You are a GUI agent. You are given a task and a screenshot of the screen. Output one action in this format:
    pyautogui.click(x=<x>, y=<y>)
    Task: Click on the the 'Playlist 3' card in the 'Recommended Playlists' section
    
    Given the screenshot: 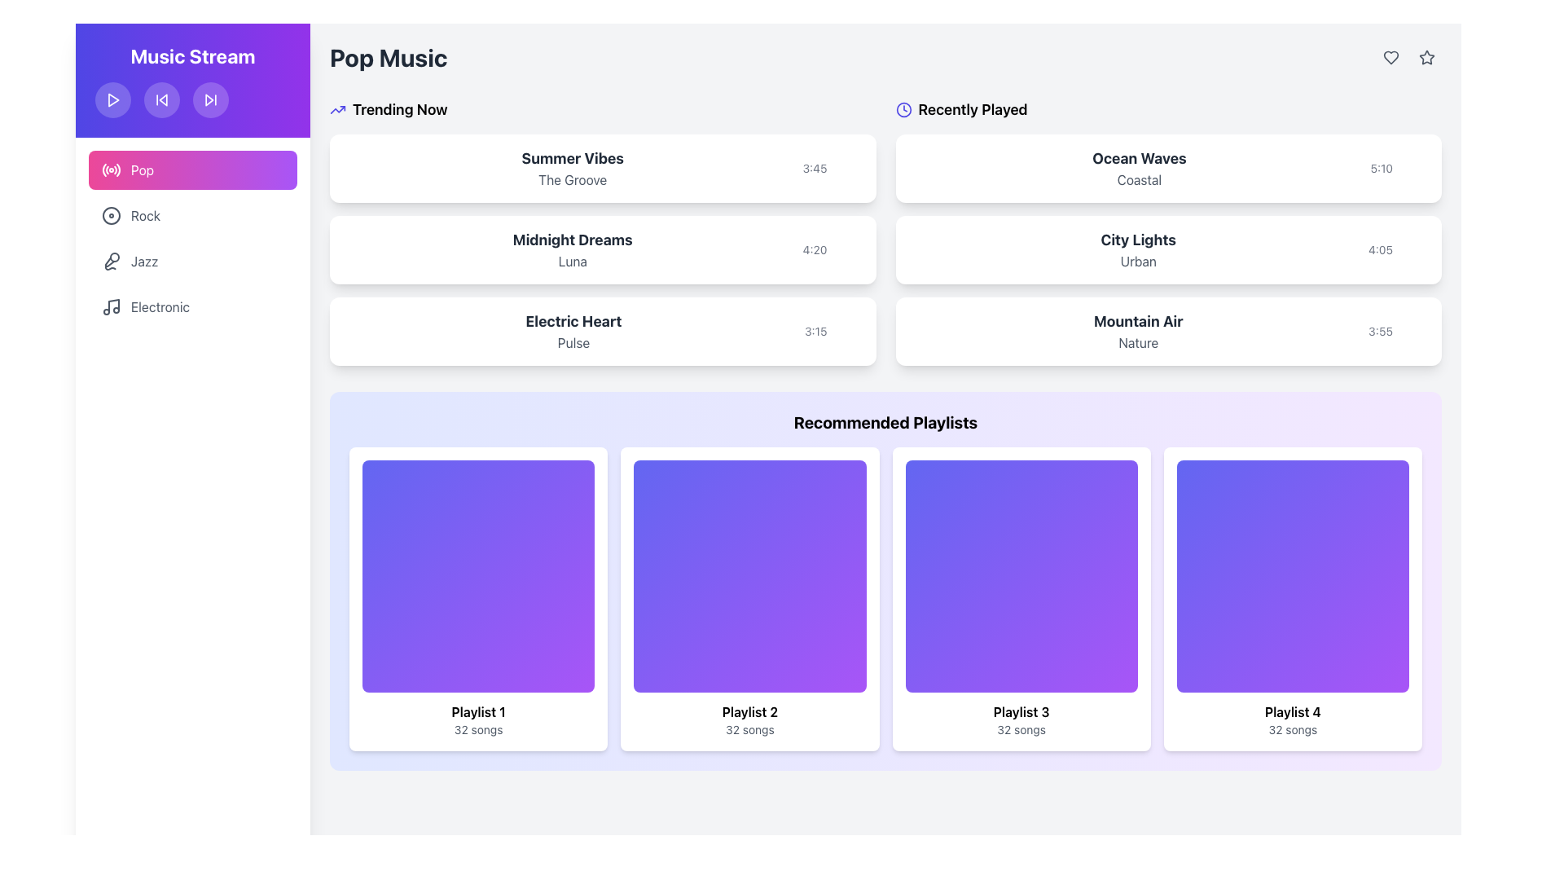 What is the action you would take?
    pyautogui.click(x=1020, y=599)
    